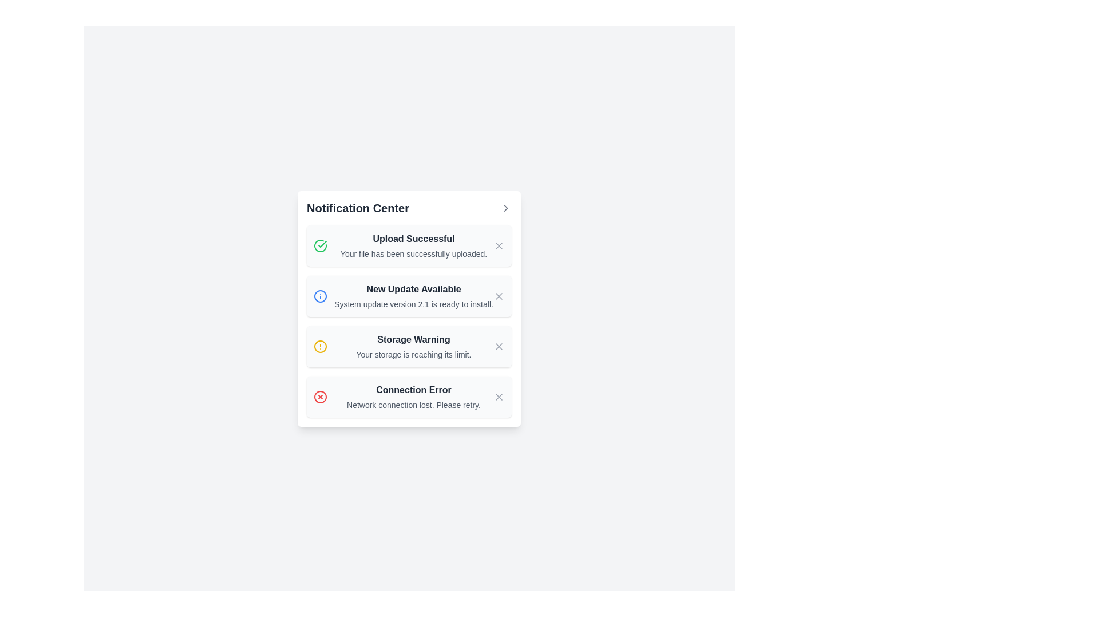 This screenshot has height=618, width=1099. Describe the element at coordinates (413, 288) in the screenshot. I see `the static text label indicating the availability of a new update, which is positioned in the Notification Center above 'Storage Warning' and below 'Upload Successful'` at that location.